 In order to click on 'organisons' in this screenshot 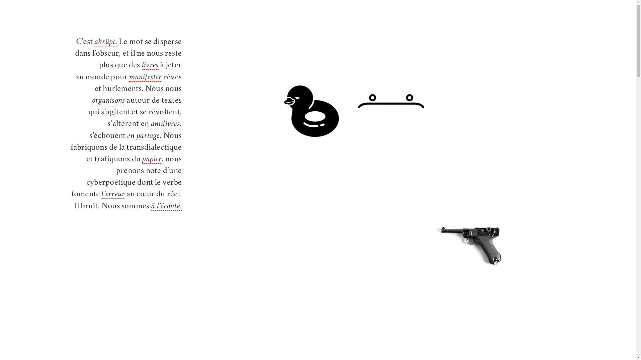, I will do `click(109, 101)`.